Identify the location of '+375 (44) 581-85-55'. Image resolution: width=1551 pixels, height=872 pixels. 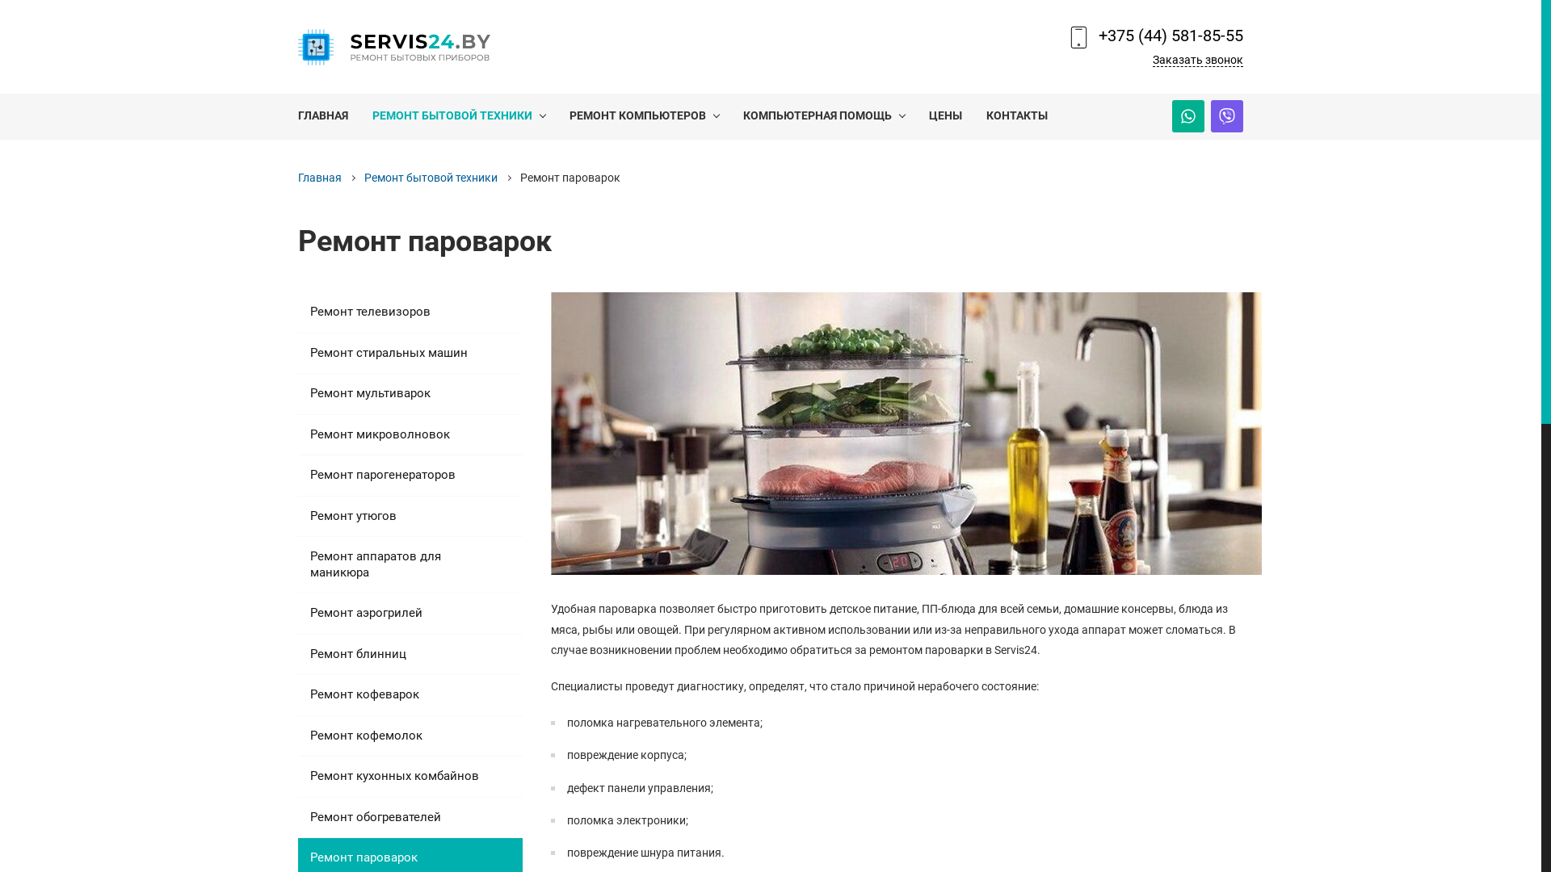
(1171, 35).